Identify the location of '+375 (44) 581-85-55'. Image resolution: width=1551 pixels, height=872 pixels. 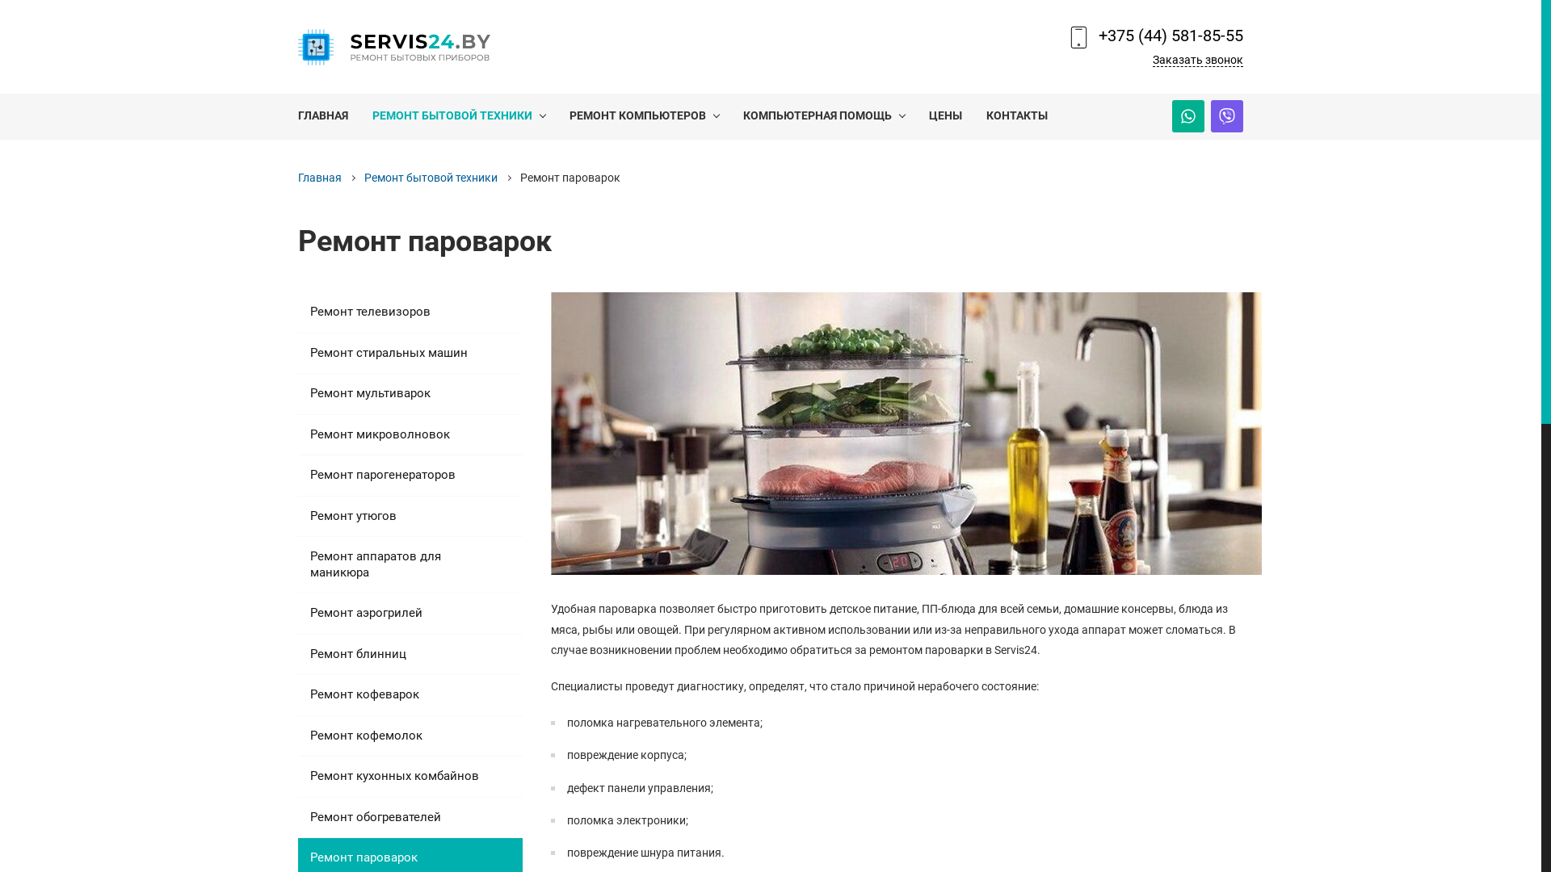
(1171, 35).